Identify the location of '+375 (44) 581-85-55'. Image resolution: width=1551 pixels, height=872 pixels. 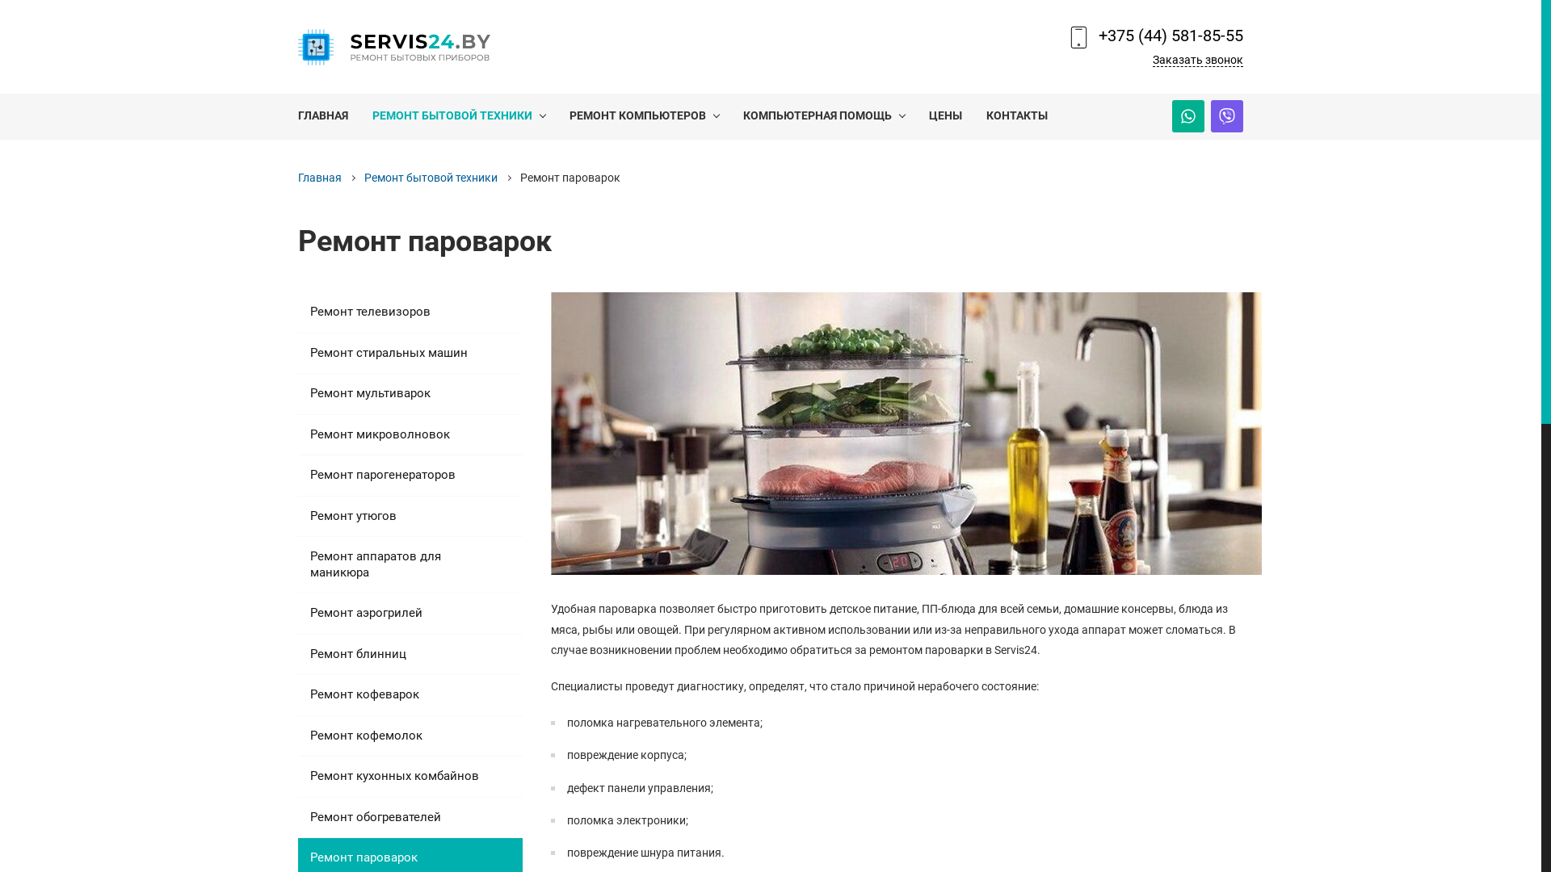
(1171, 35).